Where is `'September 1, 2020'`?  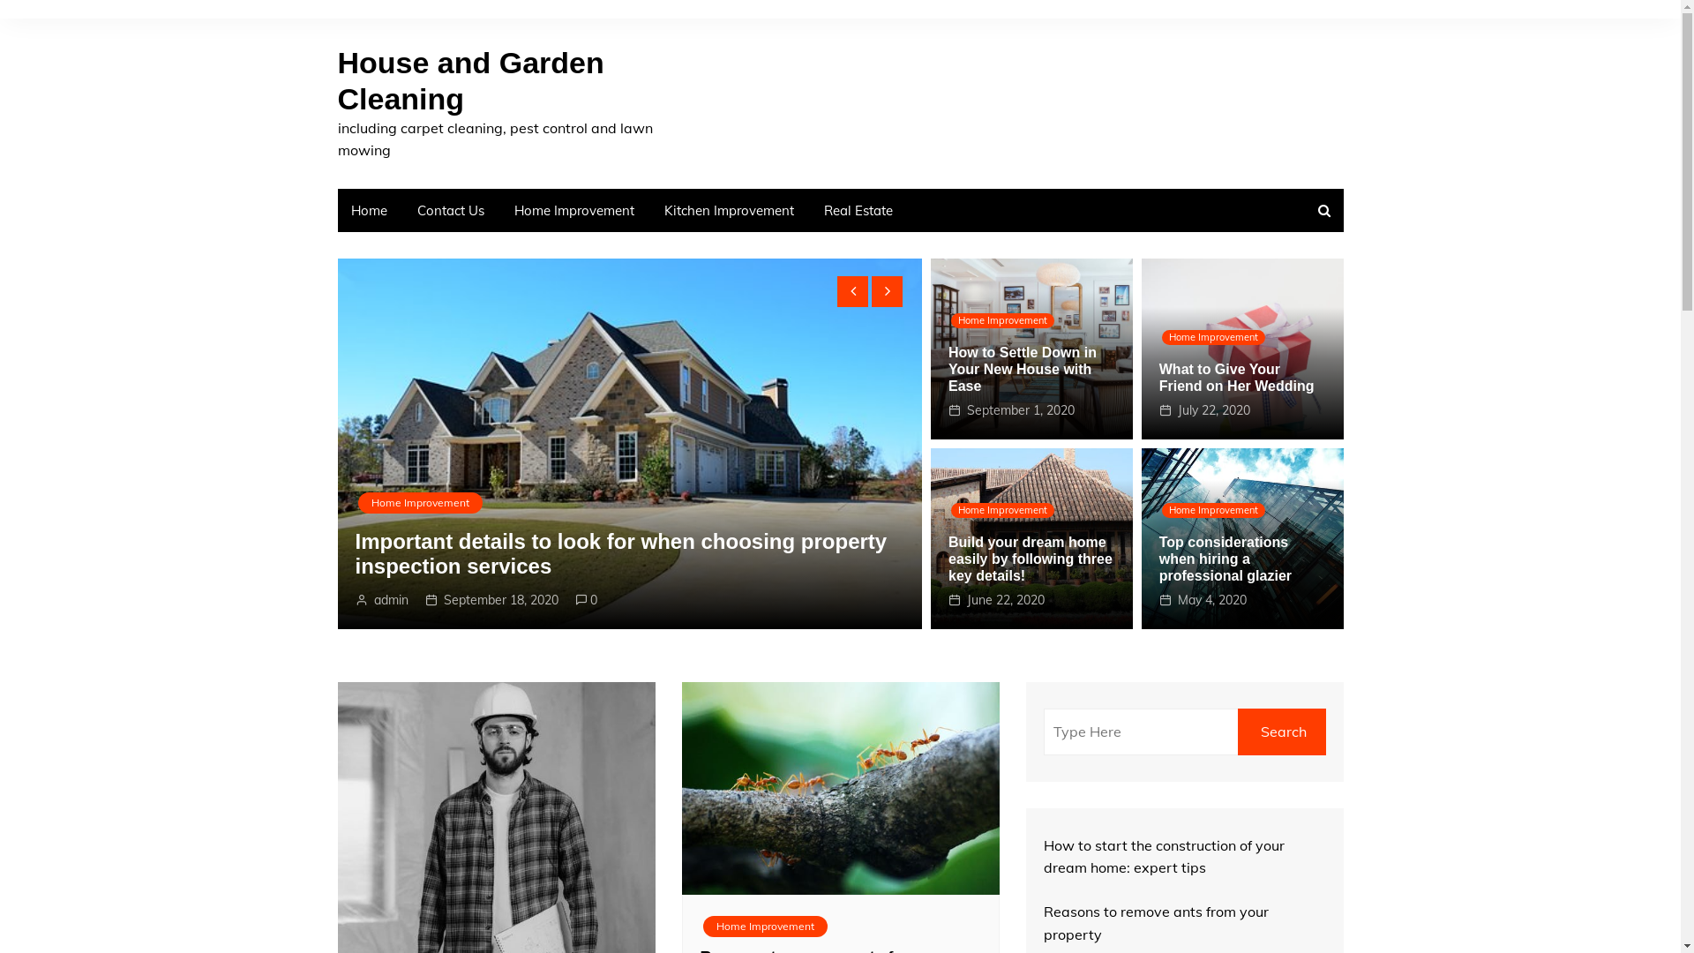
'September 1, 2020' is located at coordinates (1020, 410).